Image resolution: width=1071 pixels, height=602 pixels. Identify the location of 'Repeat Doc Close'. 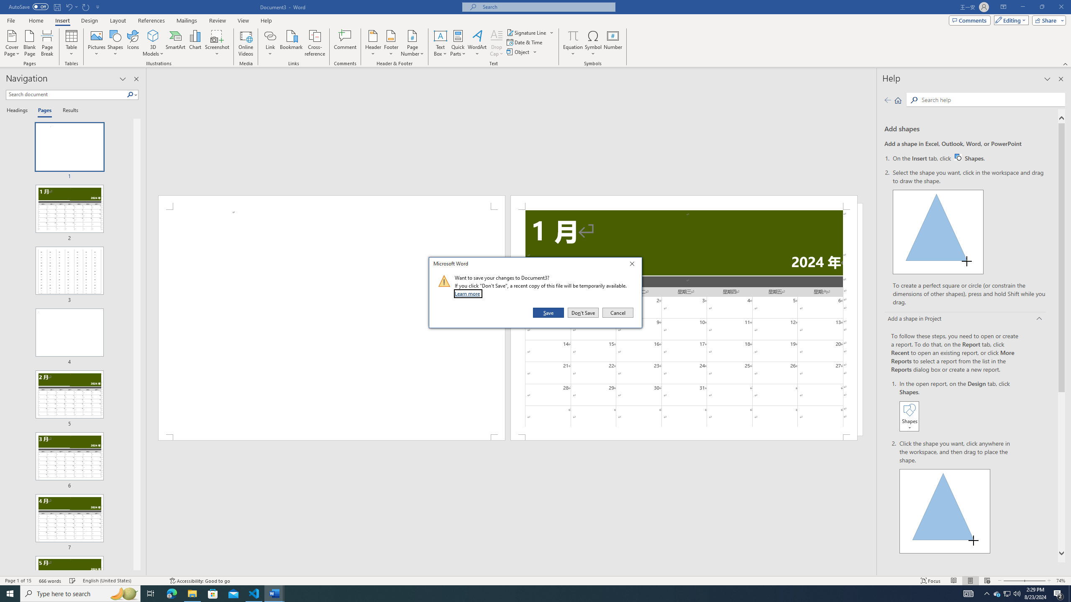
(86, 6).